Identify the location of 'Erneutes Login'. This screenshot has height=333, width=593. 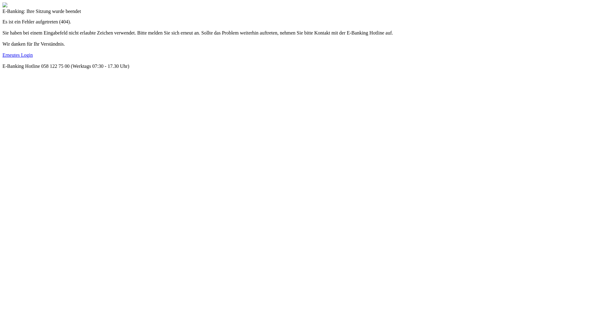
(18, 55).